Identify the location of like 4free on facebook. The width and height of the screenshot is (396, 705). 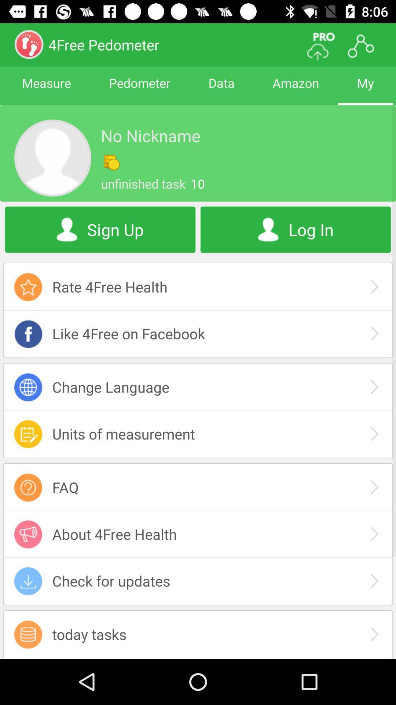
(198, 333).